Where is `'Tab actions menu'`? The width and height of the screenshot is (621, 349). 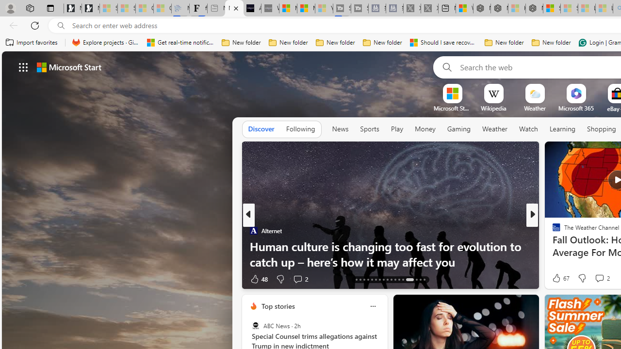 'Tab actions menu' is located at coordinates (50, 8).